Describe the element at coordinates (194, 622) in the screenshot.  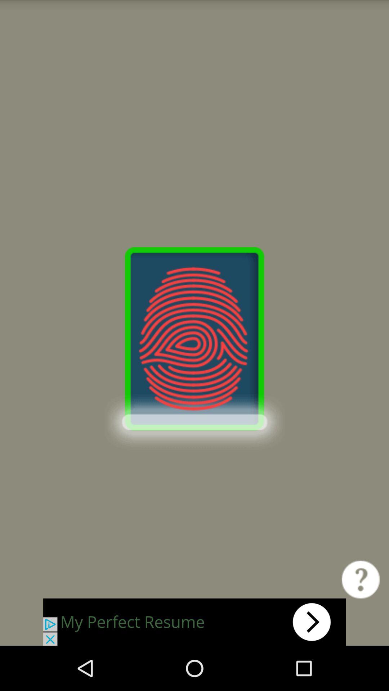
I see `option` at that location.